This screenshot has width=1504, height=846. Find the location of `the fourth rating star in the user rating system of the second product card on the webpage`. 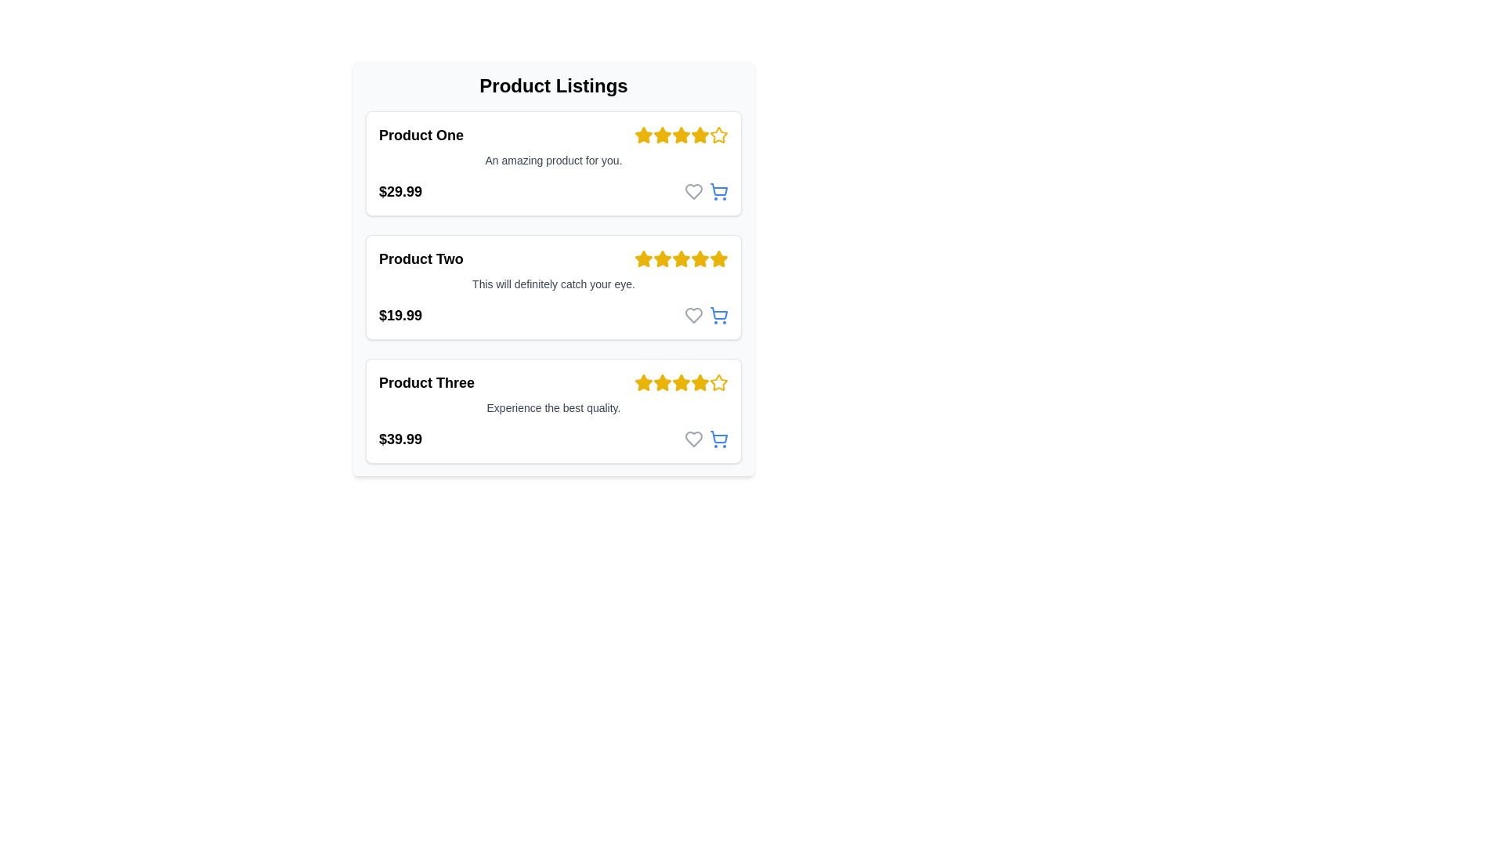

the fourth rating star in the user rating system of the second product card on the webpage is located at coordinates (699, 258).